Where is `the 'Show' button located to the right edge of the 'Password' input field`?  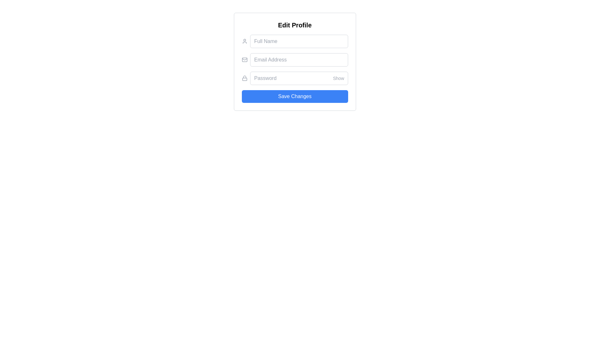 the 'Show' button located to the right edge of the 'Password' input field is located at coordinates (338, 78).